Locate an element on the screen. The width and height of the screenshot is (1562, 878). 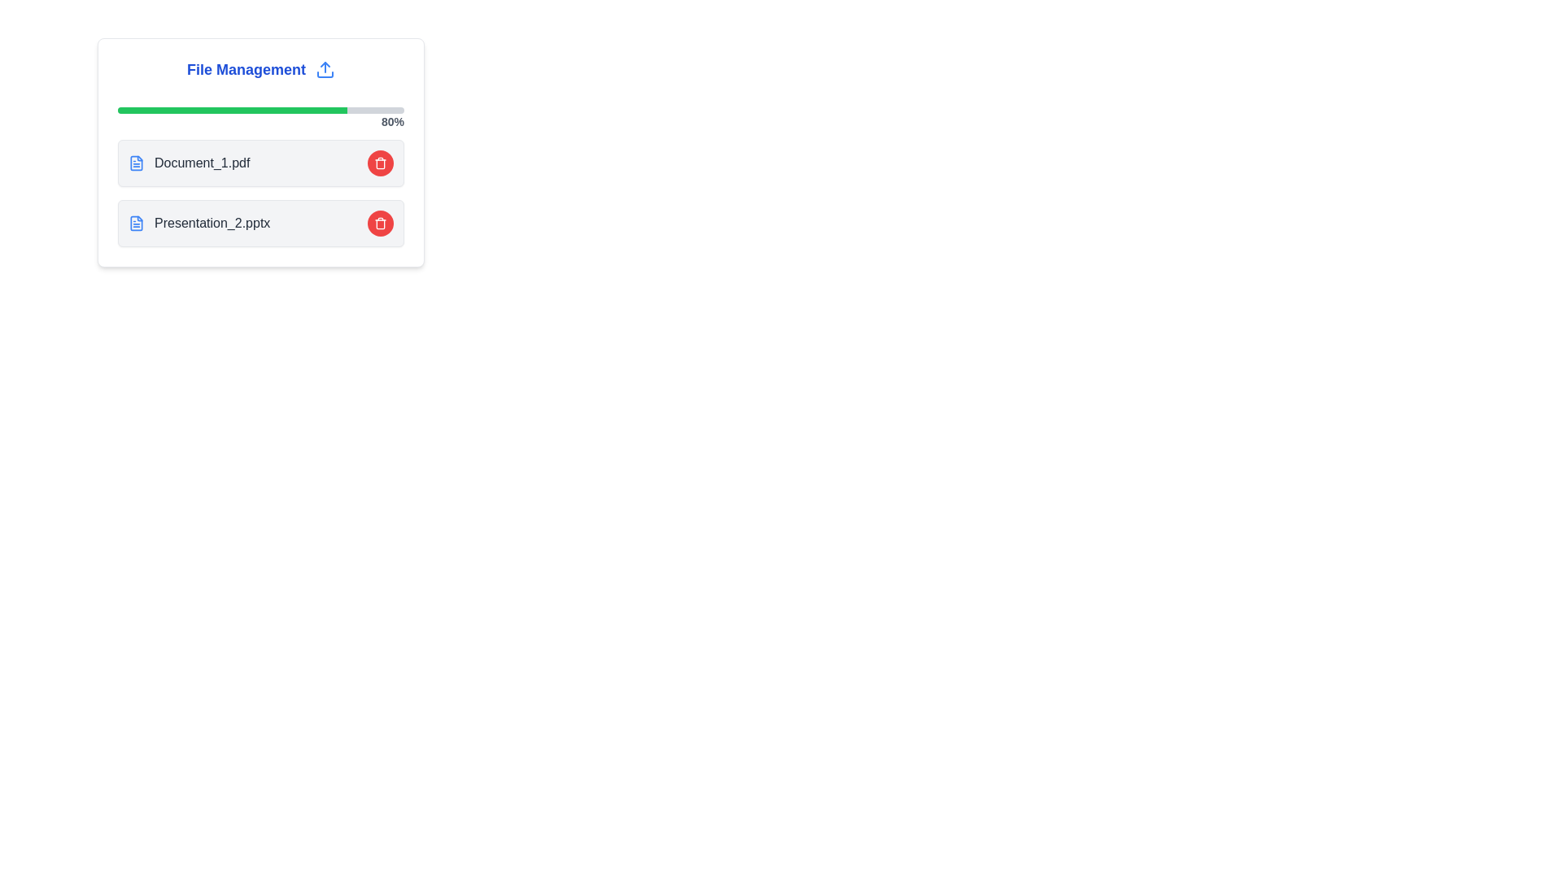
the label 'Document_1.pdf' which is the first item is located at coordinates (189, 163).